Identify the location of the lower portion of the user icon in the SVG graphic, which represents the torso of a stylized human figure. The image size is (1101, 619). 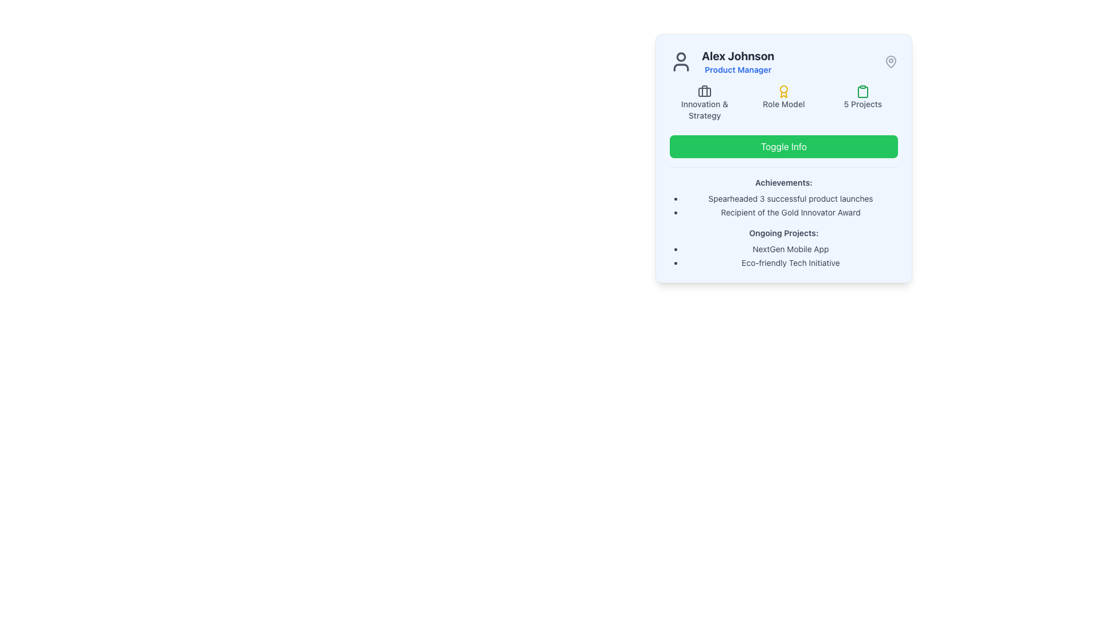
(681, 68).